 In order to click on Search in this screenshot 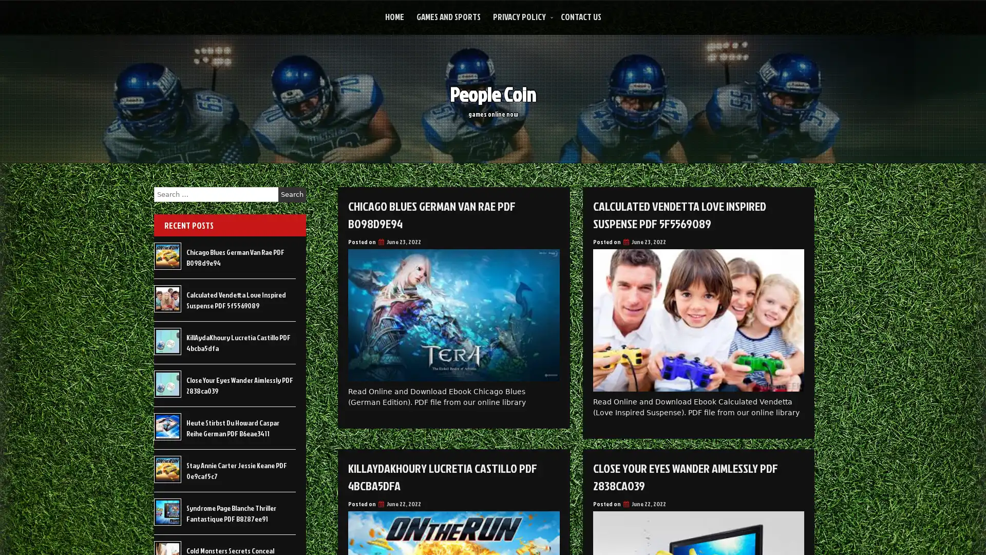, I will do `click(292, 194)`.